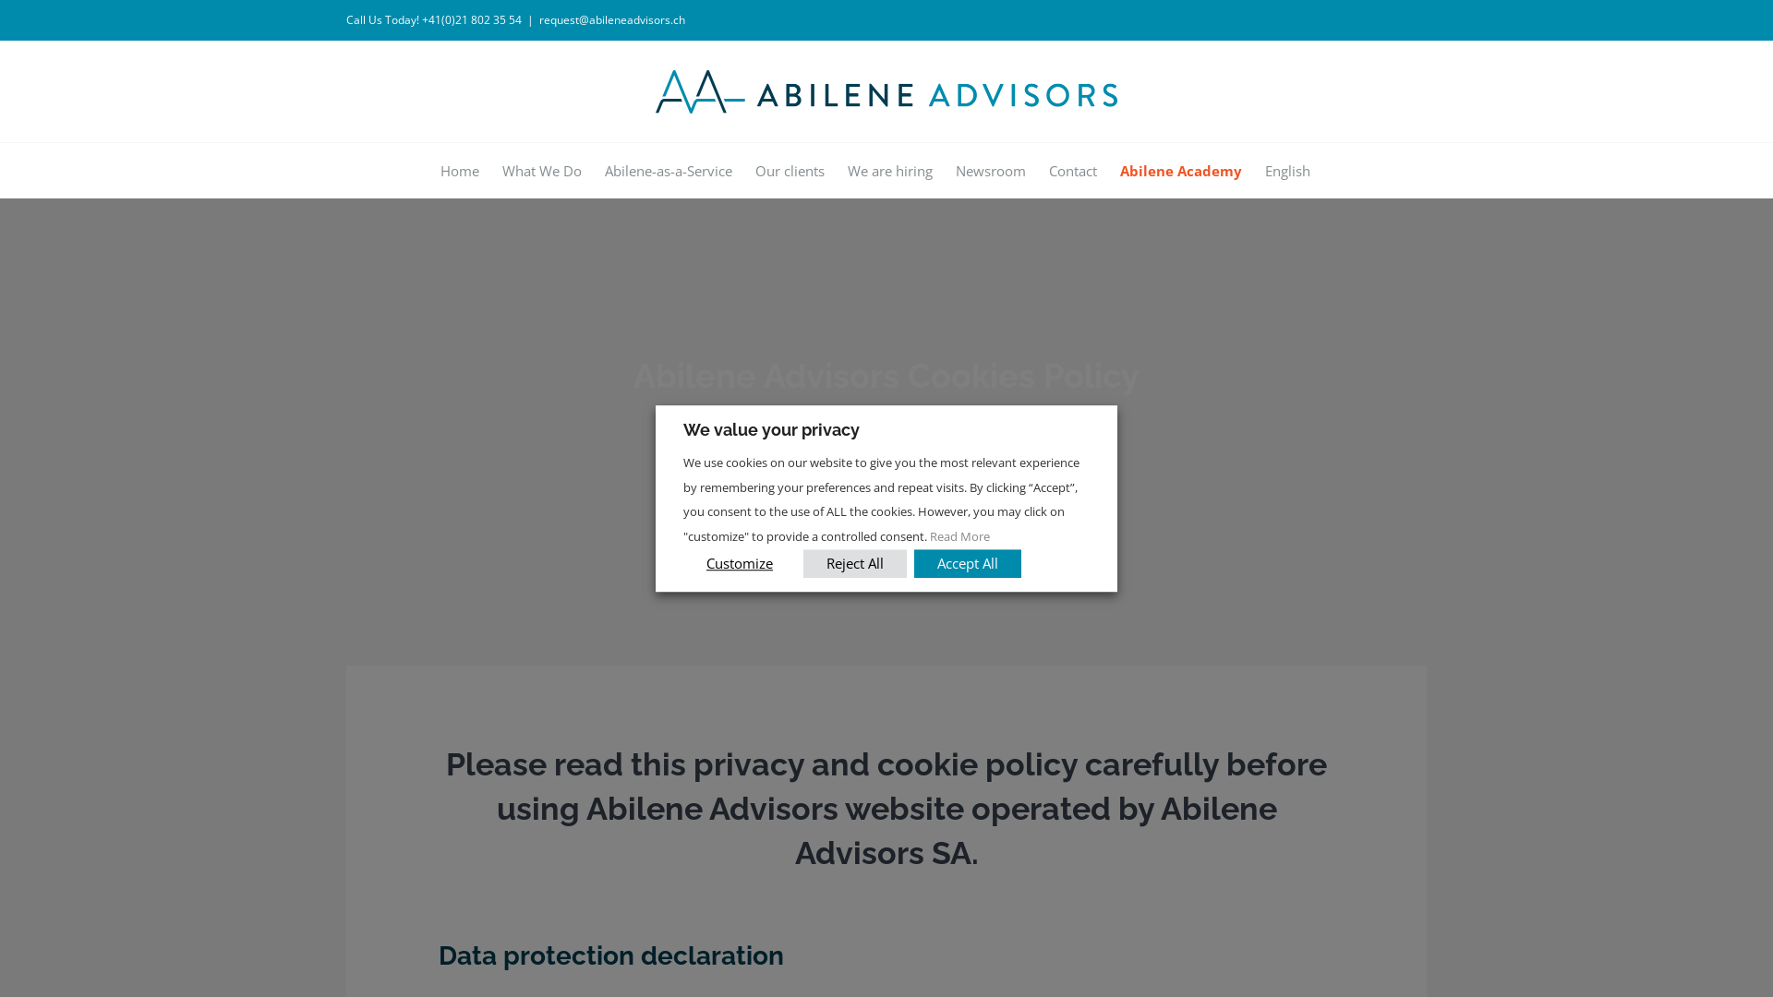 This screenshot has height=997, width=1773. I want to click on 'Our clients', so click(790, 169).